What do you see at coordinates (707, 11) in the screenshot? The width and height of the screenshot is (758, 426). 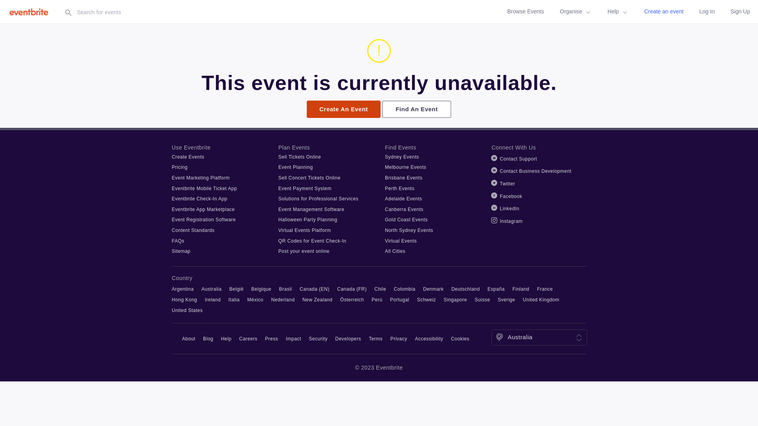 I see `'Log In'` at bounding box center [707, 11].